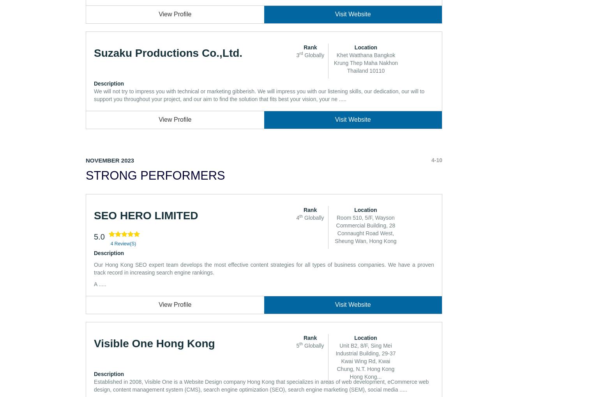  Describe the element at coordinates (109, 159) in the screenshot. I see `'November 2023'` at that location.